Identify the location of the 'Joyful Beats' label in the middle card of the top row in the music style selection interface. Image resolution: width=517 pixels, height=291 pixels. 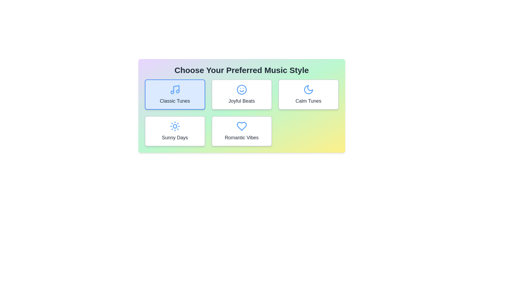
(241, 101).